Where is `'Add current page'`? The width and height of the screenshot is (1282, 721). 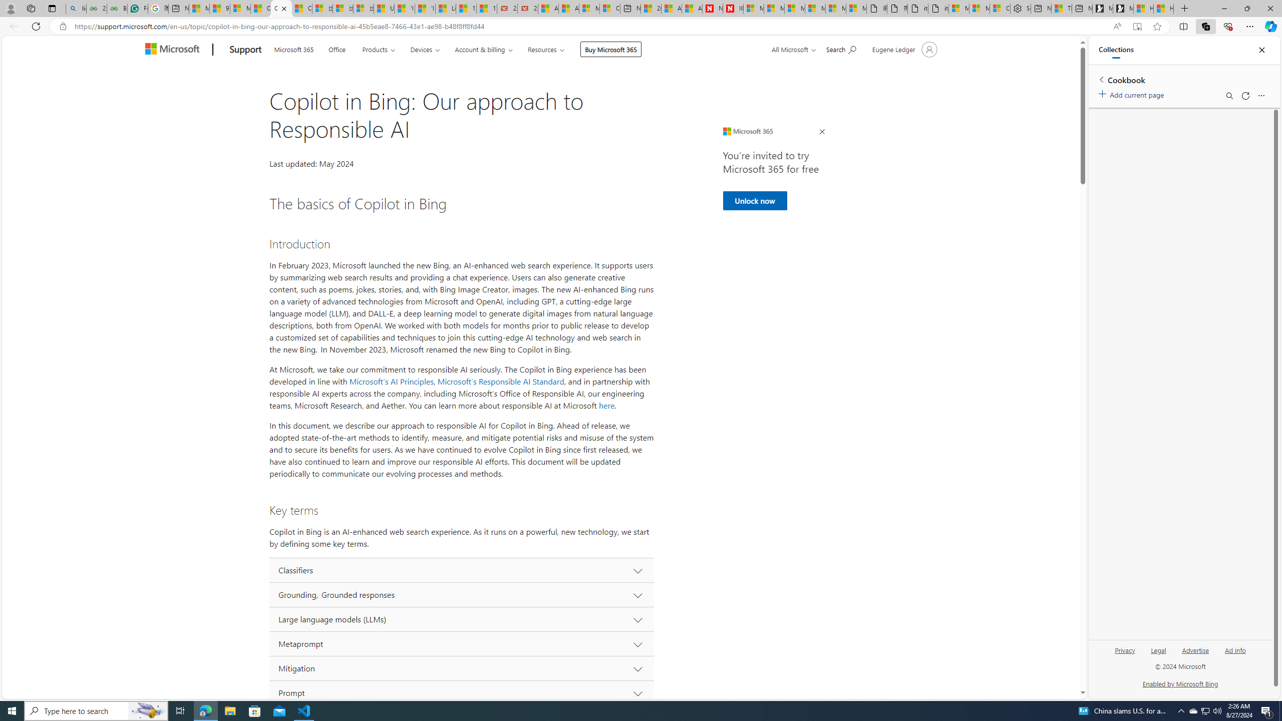
'Add current page' is located at coordinates (1133, 92).